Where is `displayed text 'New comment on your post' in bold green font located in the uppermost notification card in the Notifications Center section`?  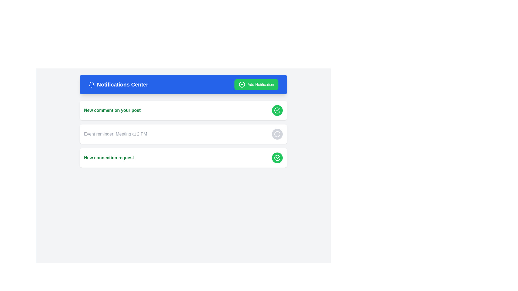 displayed text 'New comment on your post' in bold green font located in the uppermost notification card in the Notifications Center section is located at coordinates (112, 110).